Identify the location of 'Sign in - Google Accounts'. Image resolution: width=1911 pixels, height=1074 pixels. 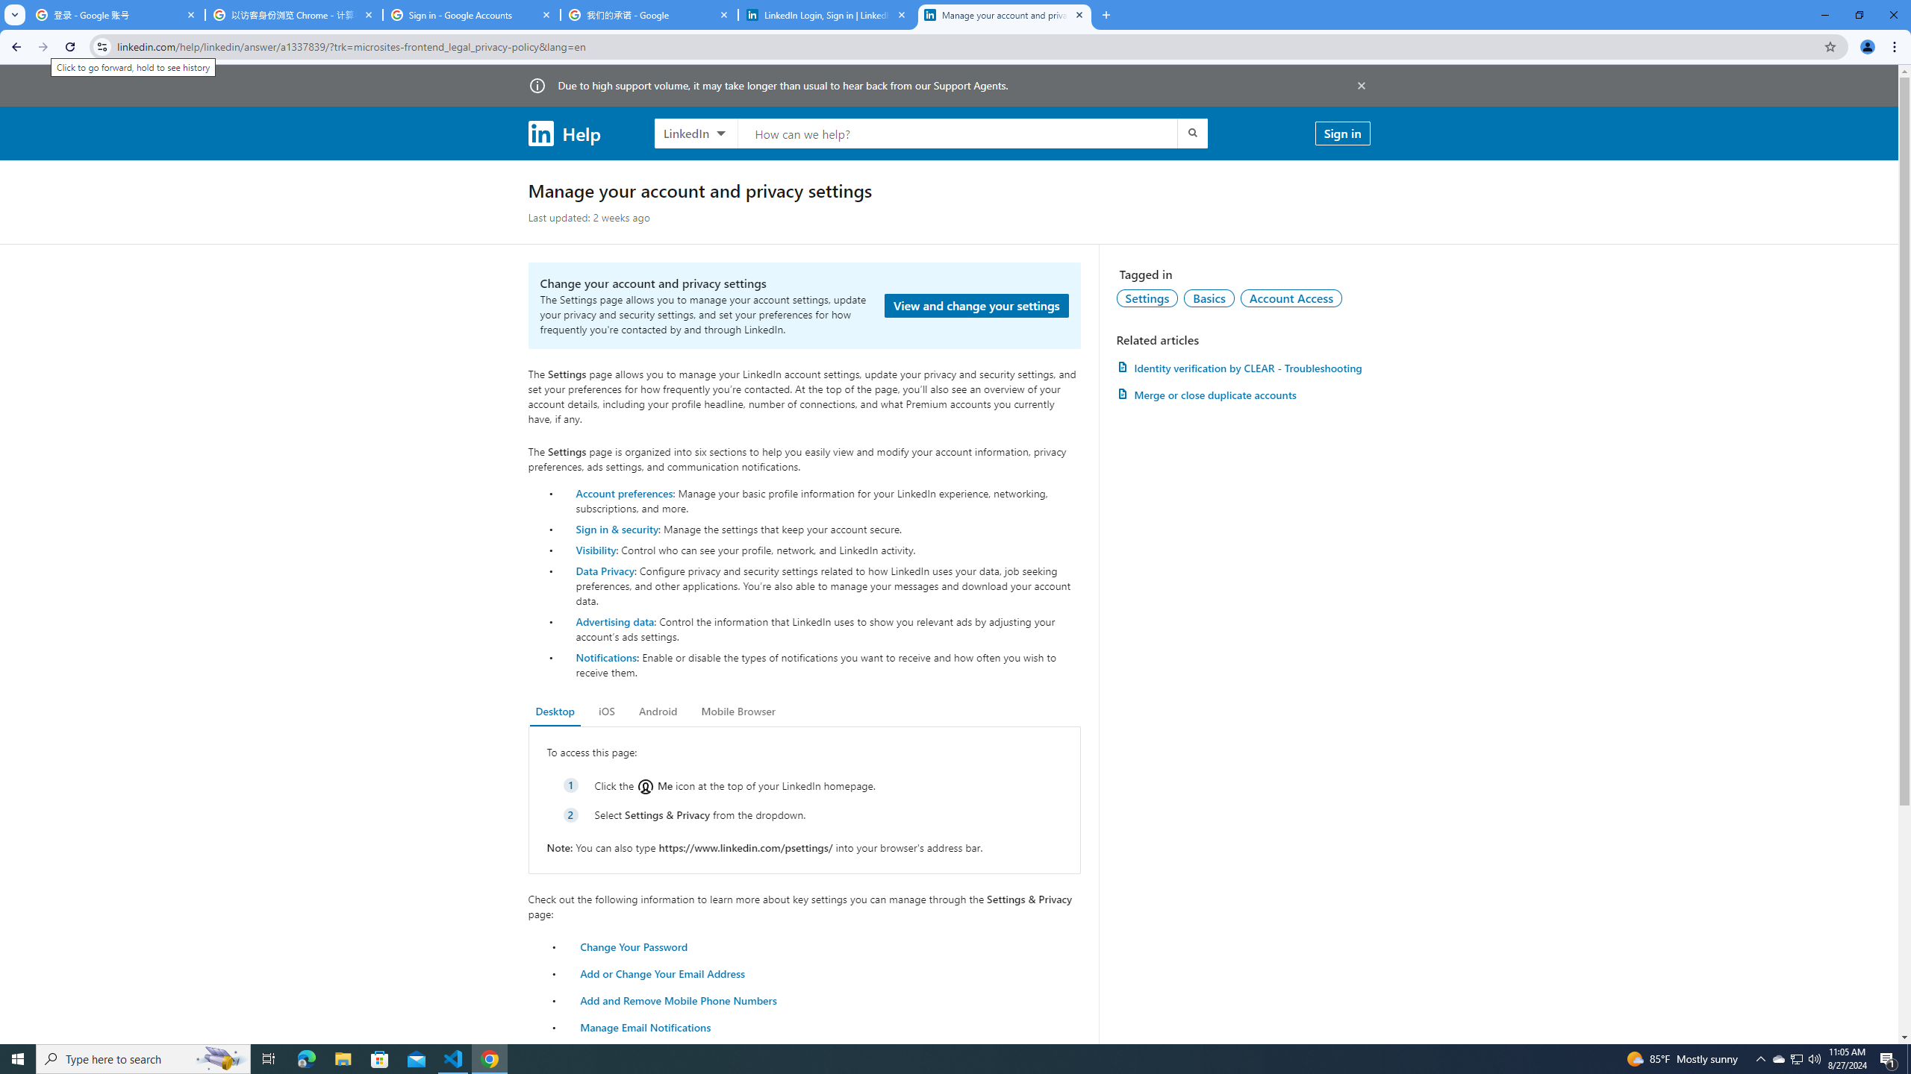
(471, 14).